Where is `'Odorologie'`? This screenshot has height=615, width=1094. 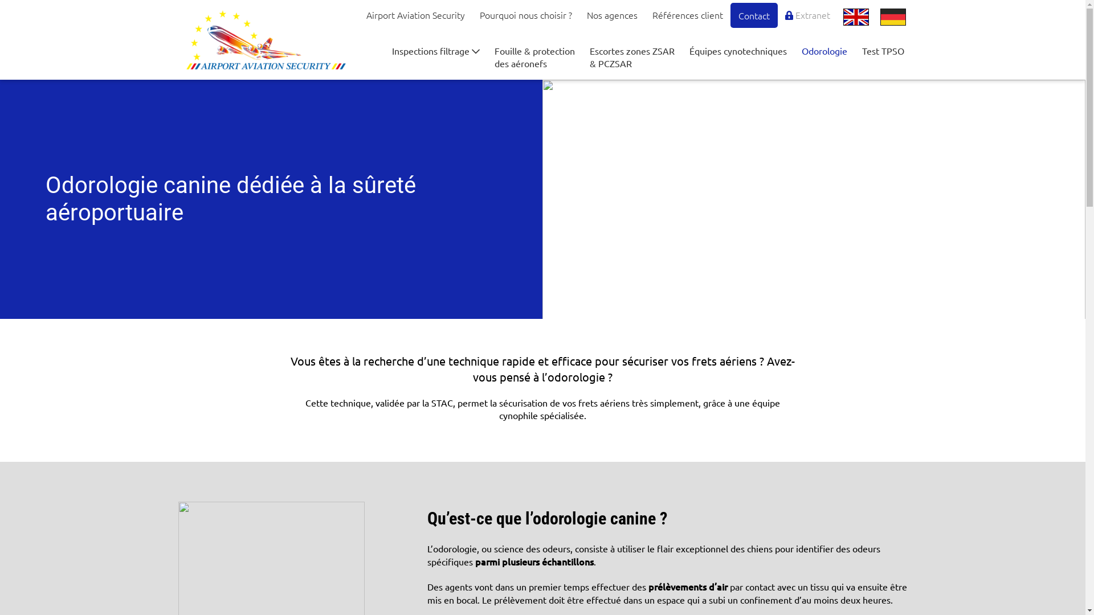 'Odorologie' is located at coordinates (824, 50).